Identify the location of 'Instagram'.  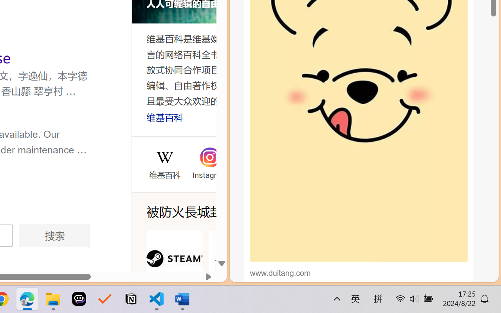
(209, 173).